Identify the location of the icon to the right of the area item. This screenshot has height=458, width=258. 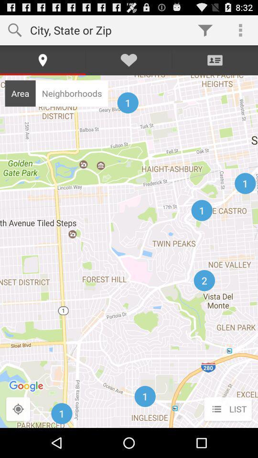
(71, 93).